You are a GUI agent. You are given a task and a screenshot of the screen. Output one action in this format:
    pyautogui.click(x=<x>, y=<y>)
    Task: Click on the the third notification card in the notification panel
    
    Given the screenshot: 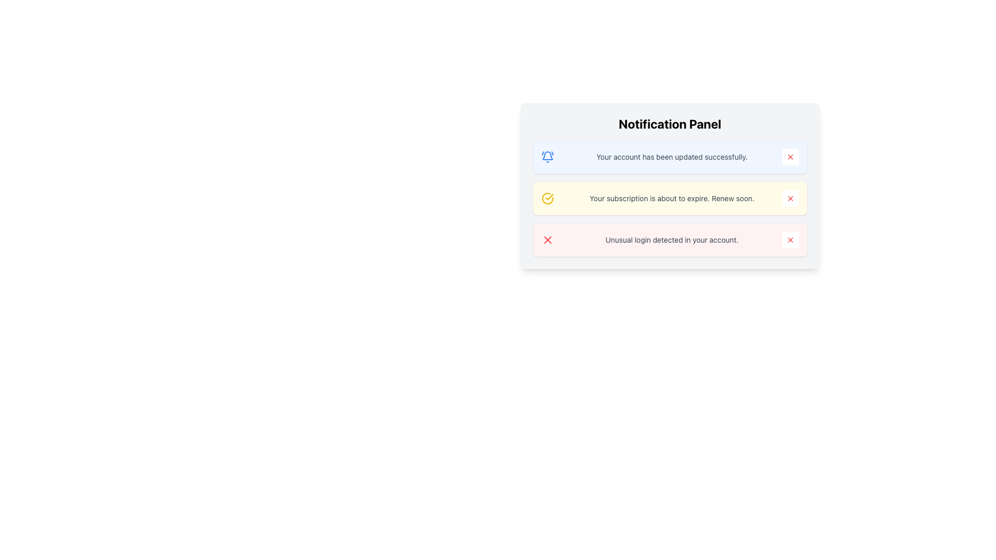 What is the action you would take?
    pyautogui.click(x=670, y=240)
    